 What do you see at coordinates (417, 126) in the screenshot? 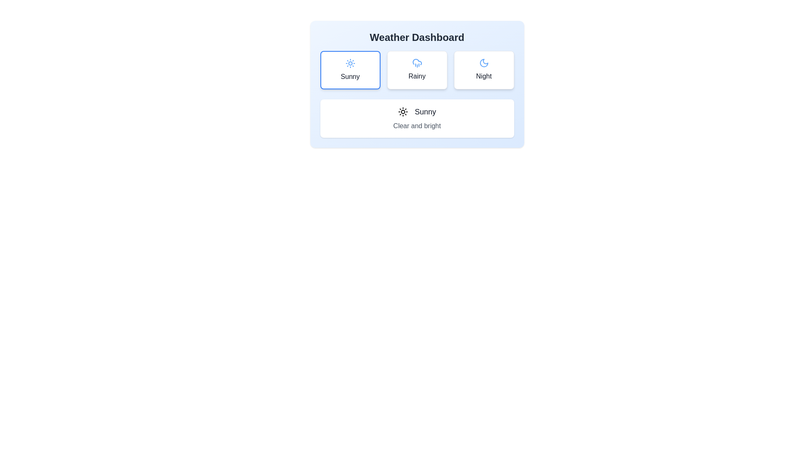
I see `the descriptive text label providing details about the weather condition 'Sunny', which is located within a rectangular card component` at bounding box center [417, 126].